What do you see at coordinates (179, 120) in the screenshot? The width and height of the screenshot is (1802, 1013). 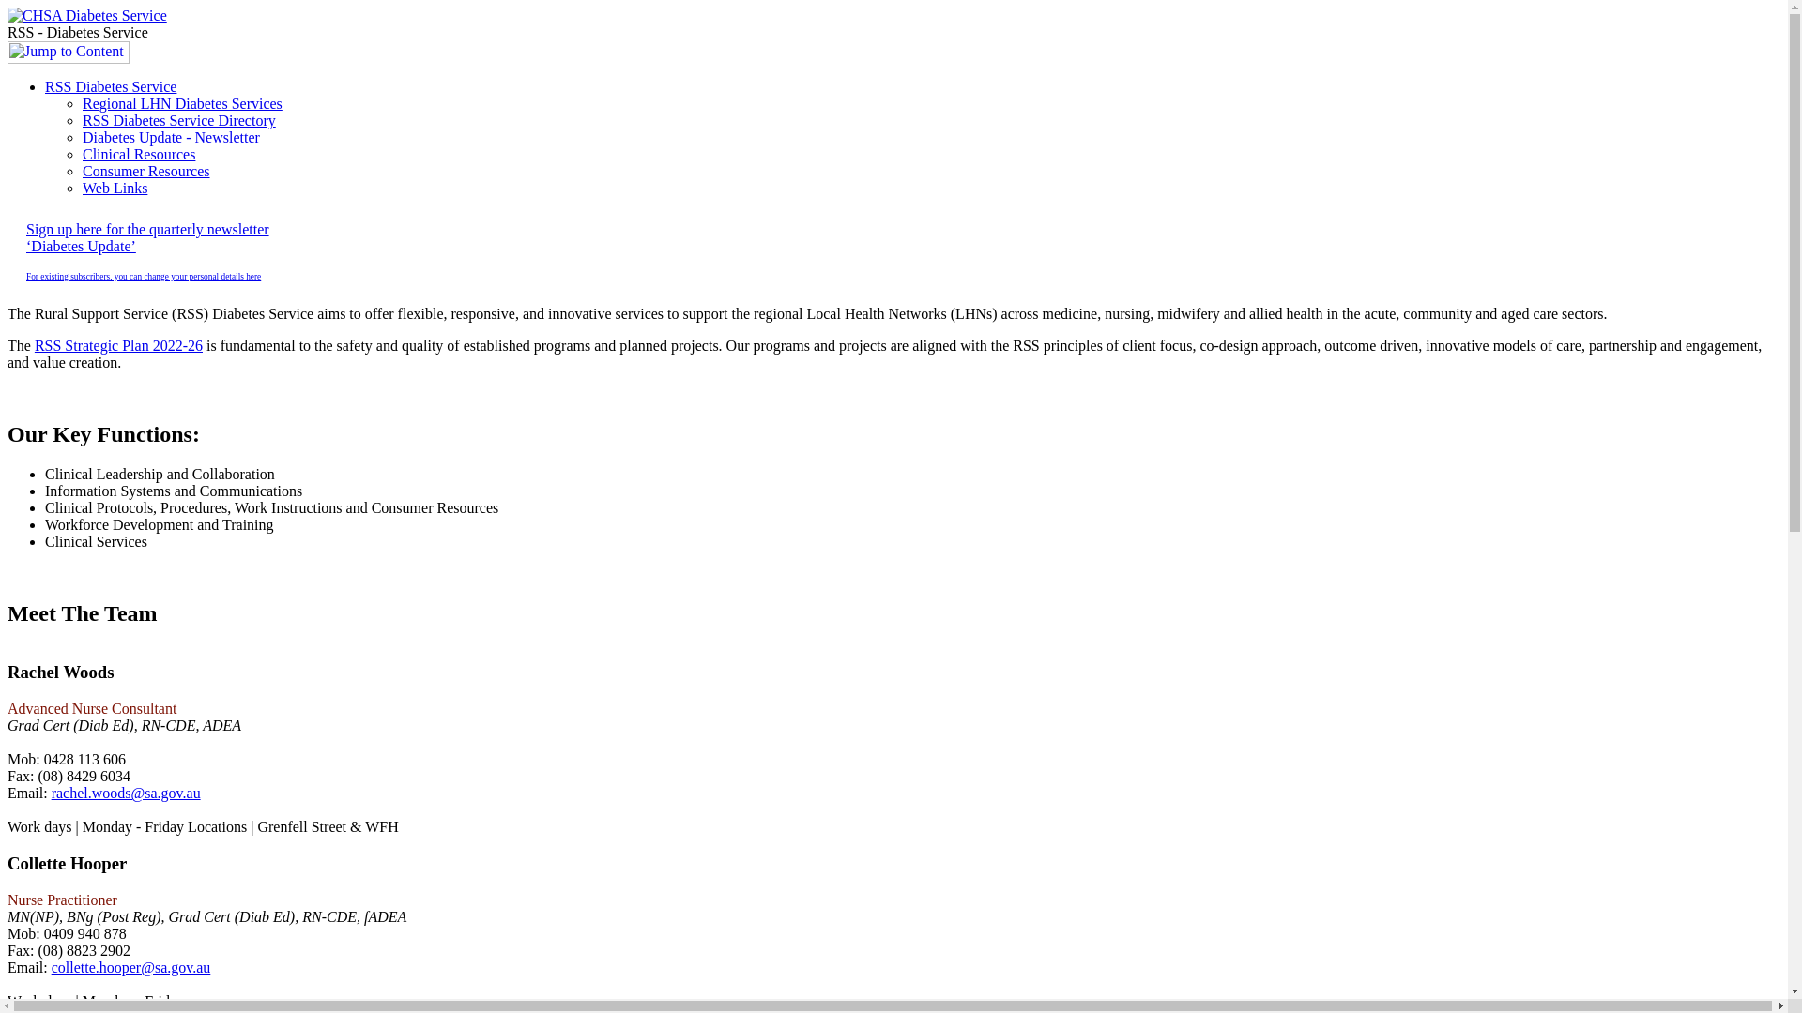 I see `'RSS Diabetes Service Directory'` at bounding box center [179, 120].